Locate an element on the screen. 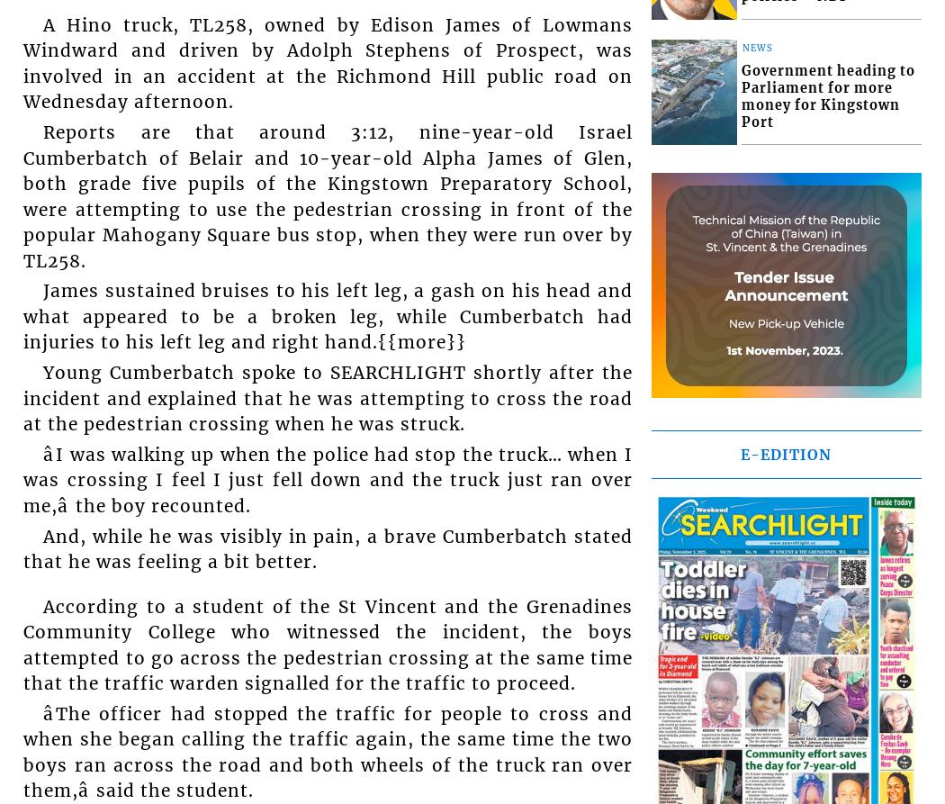  'A Hino truck, TL258, owned by Edison James of Lowmans Windward and driven by Adolph Stephens of Prospect, was involved in an accident at the Richmond Hill public road on Wednesday afternoon.' is located at coordinates (327, 63).